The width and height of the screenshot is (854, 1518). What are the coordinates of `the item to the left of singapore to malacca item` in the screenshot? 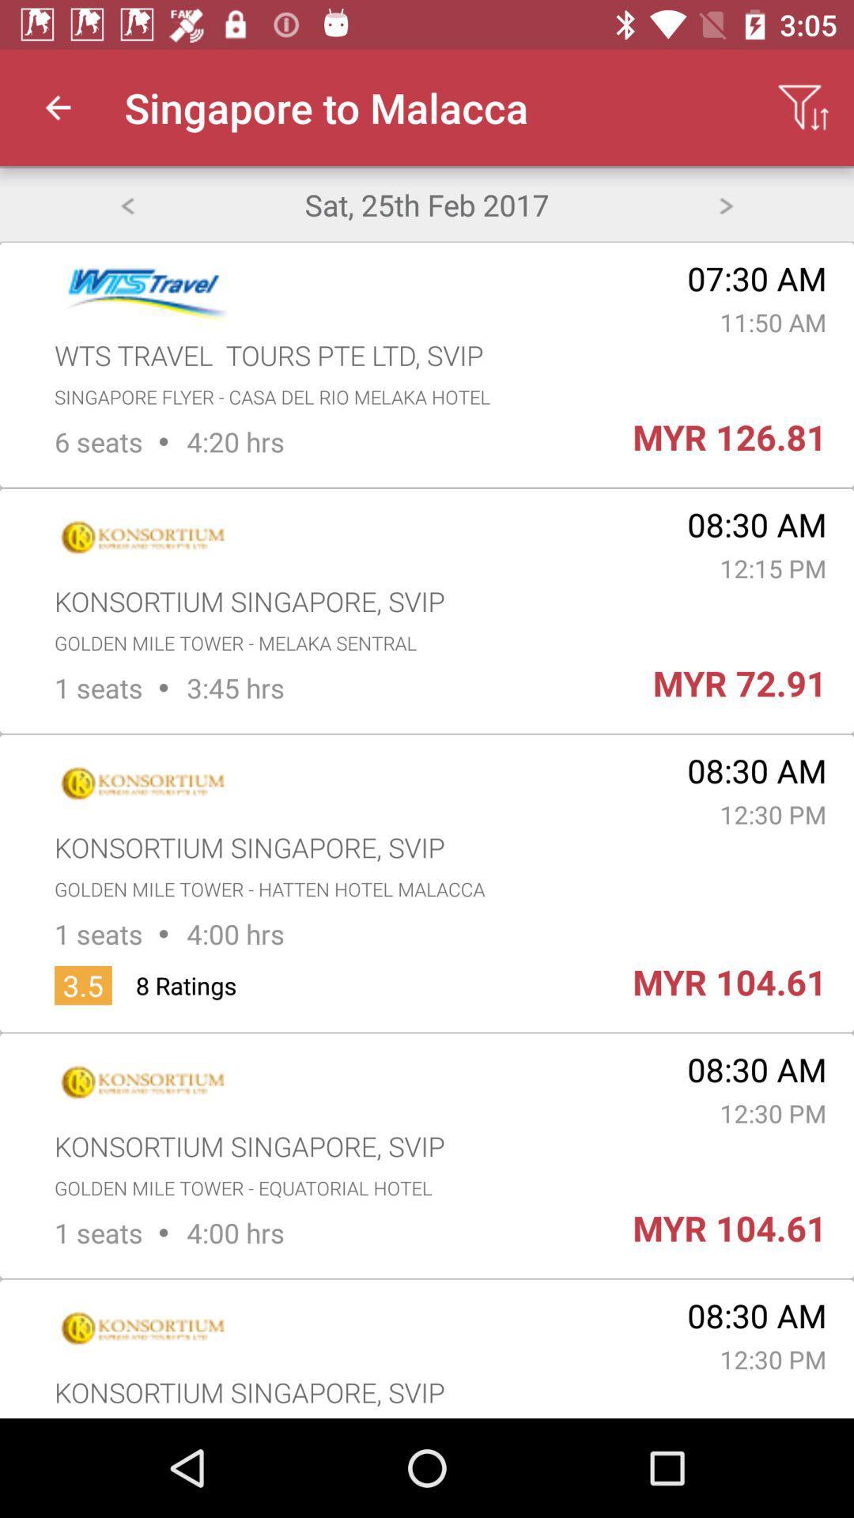 It's located at (57, 107).